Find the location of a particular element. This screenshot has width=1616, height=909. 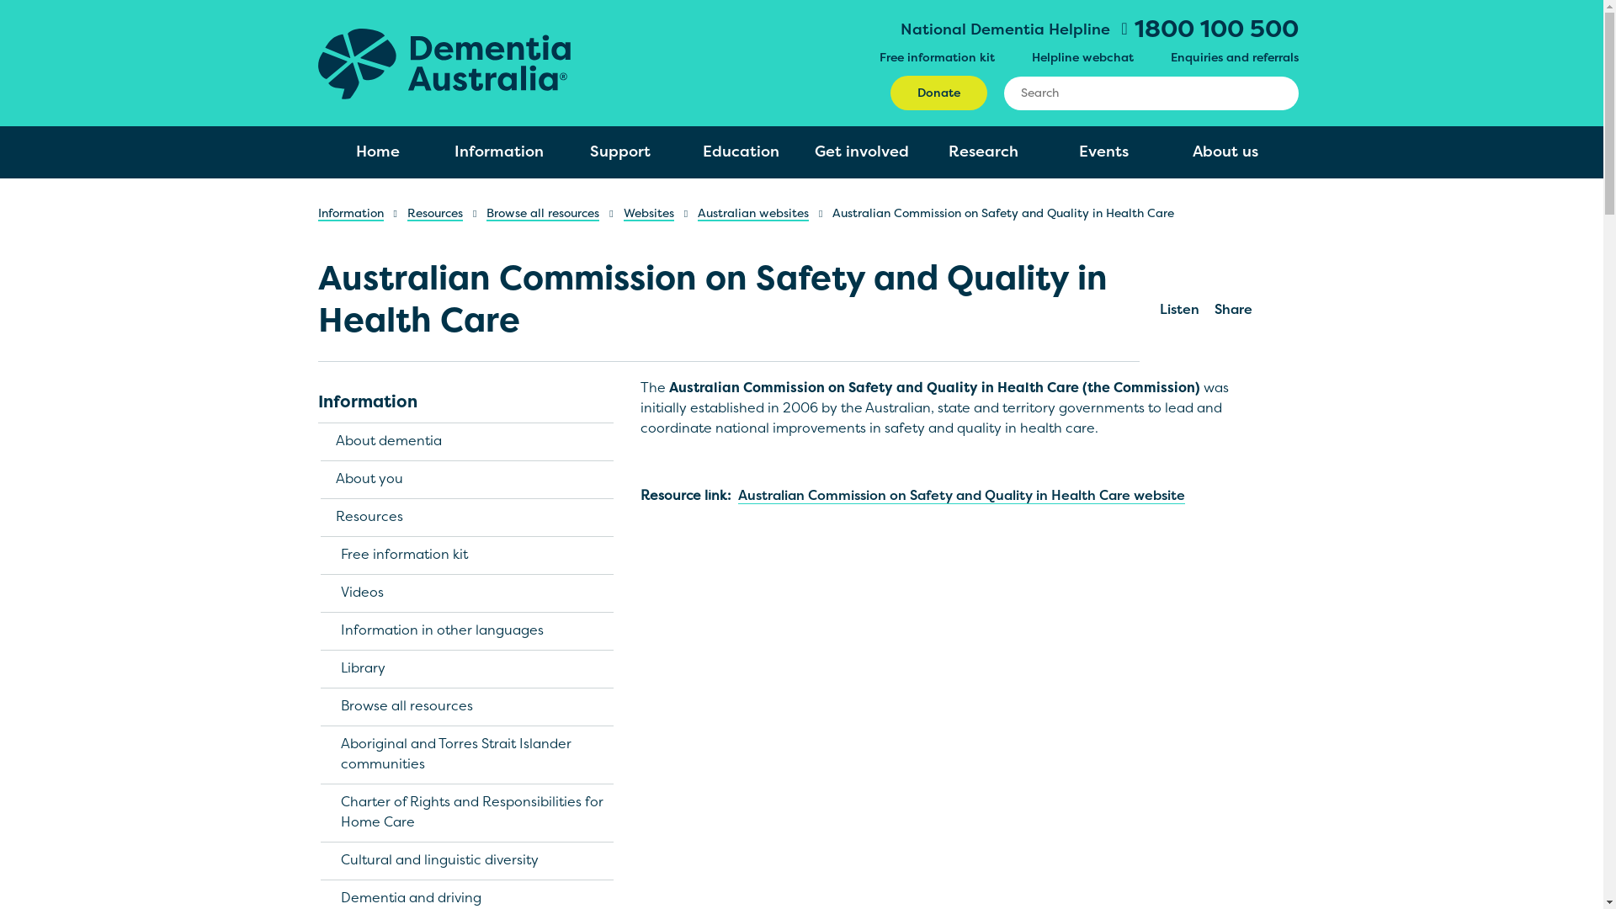

'Information' is located at coordinates (350, 214).